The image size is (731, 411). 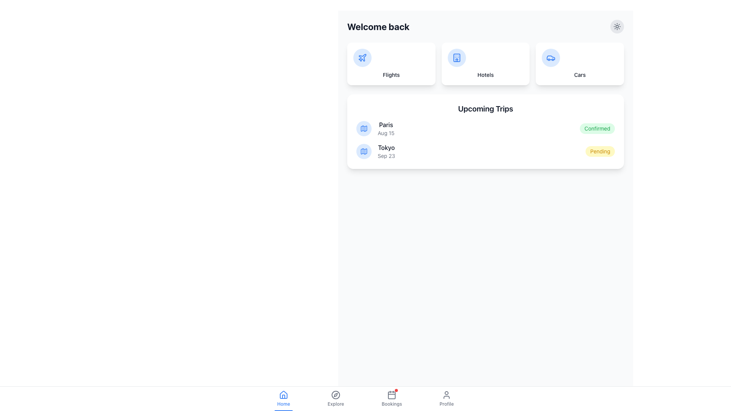 I want to click on the 'Confirmed' badge in the Upcoming Trips section indicating a positive confirmation status for the trip to Paris dated Aug 15, so click(x=597, y=128).